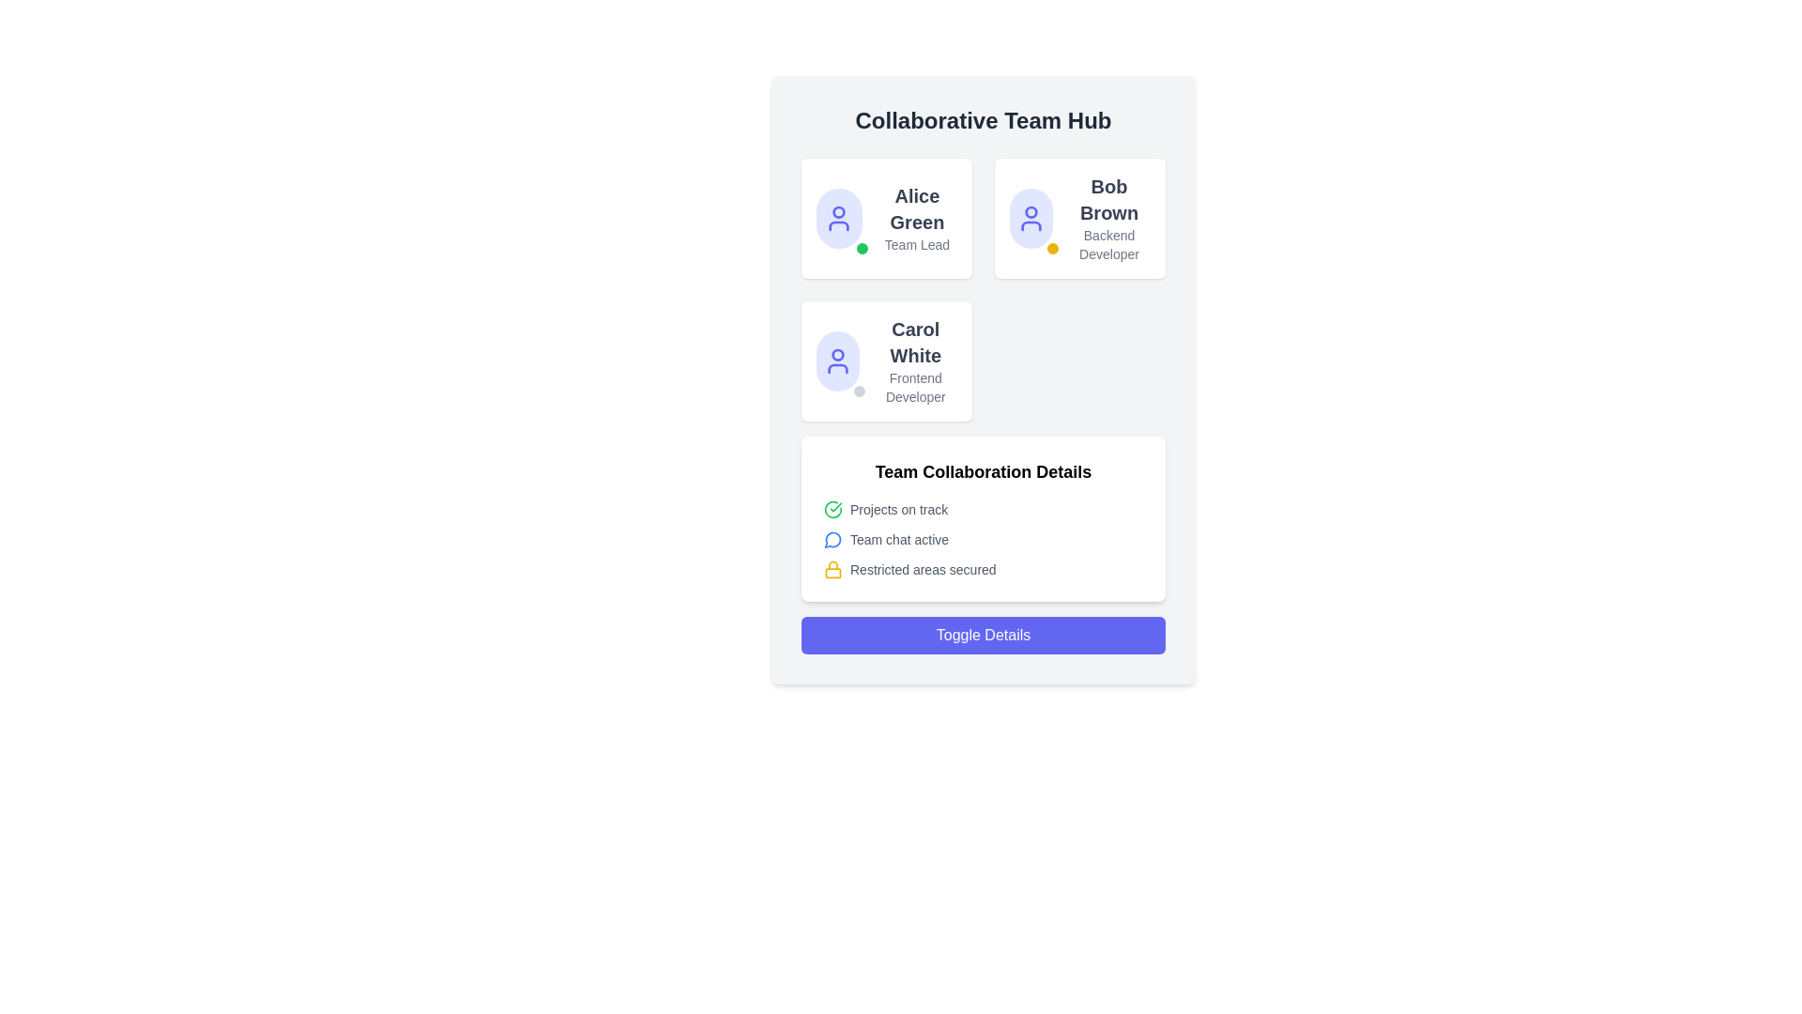  I want to click on the small circular shape representing the user avatar of Alice Green, which is styled with a blue outline and located at the upper center of the profile card in the Collaborative Team Hub, so click(838, 211).